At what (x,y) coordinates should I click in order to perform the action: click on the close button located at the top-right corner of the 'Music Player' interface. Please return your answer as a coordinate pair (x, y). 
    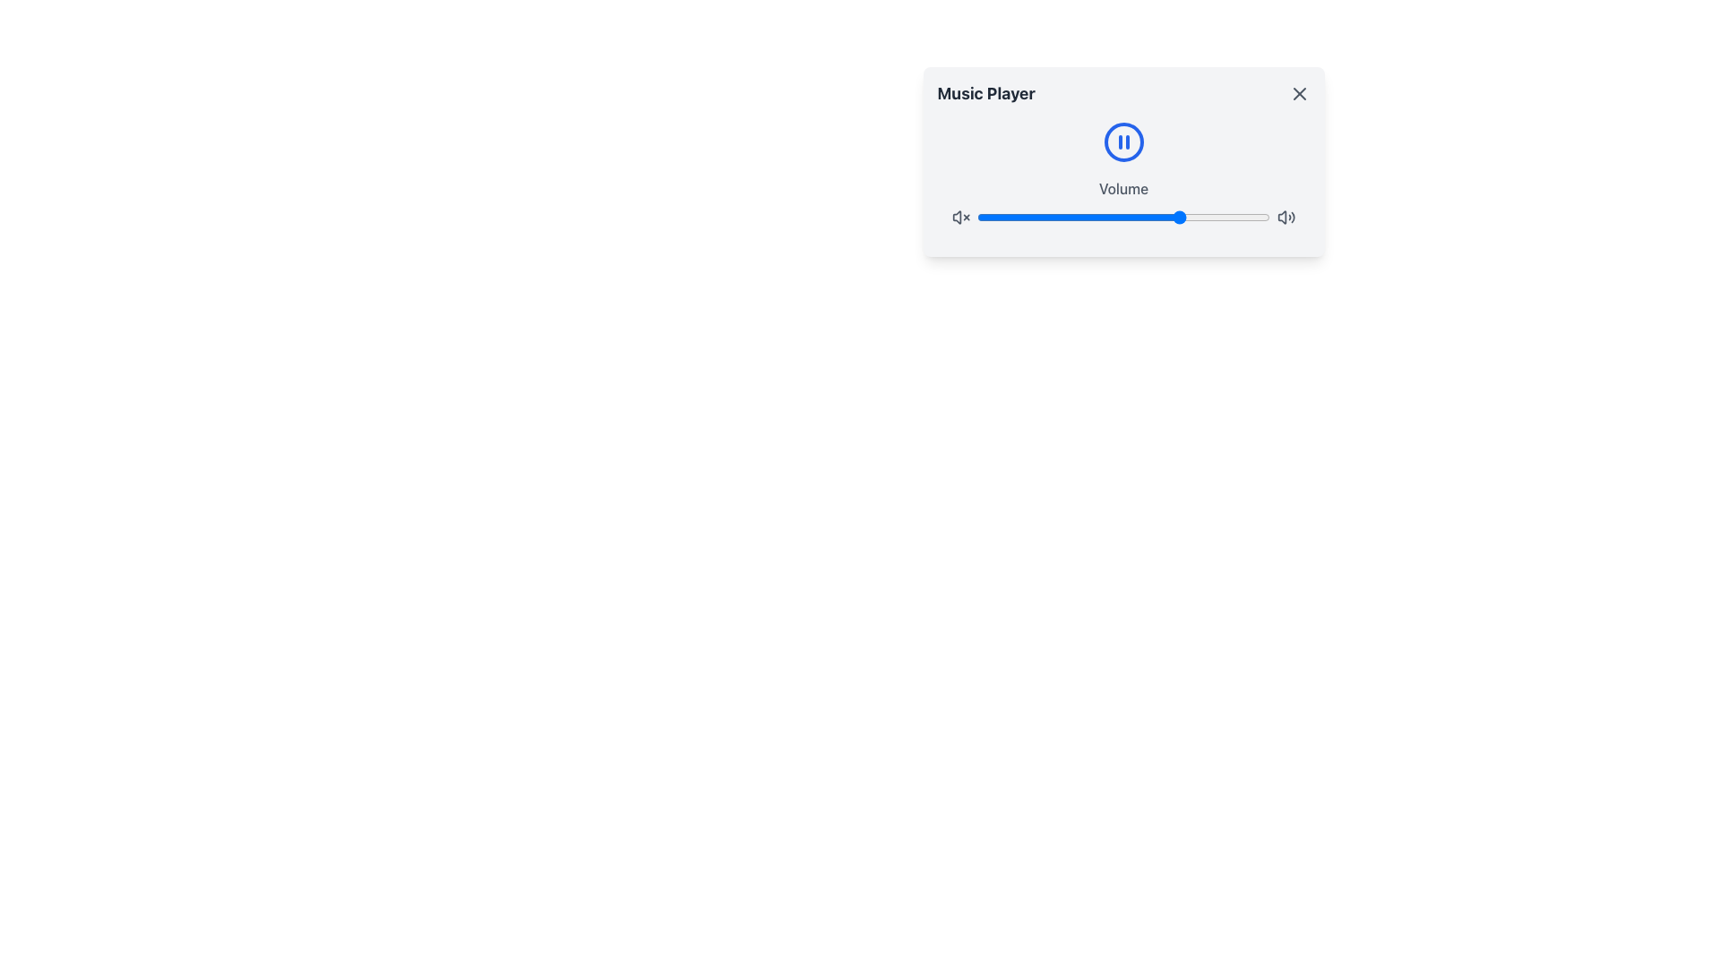
    Looking at the image, I should click on (1299, 93).